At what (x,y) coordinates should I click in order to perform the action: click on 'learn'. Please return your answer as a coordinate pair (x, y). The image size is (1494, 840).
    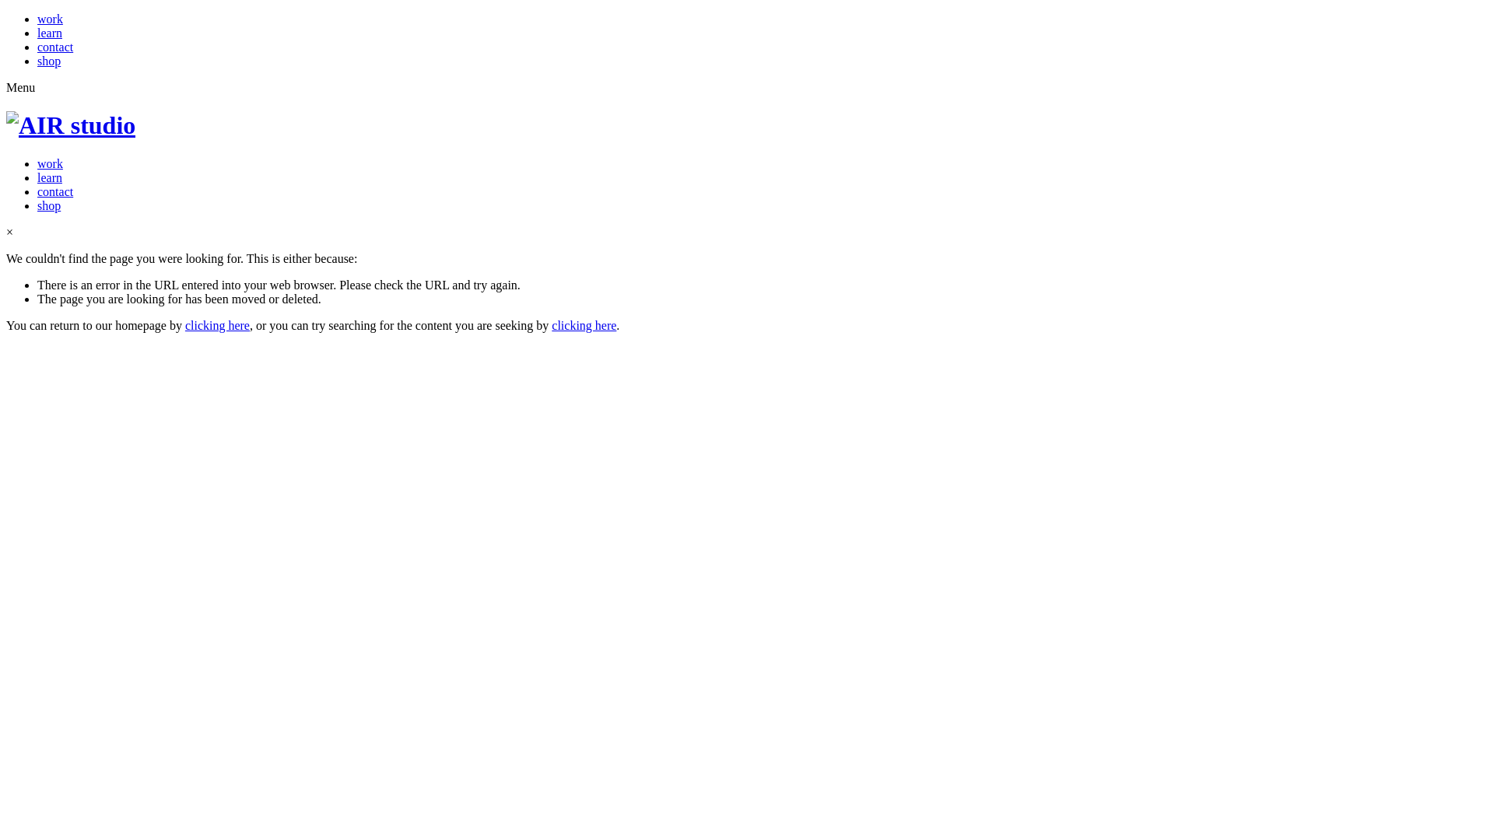
    Looking at the image, I should click on (49, 177).